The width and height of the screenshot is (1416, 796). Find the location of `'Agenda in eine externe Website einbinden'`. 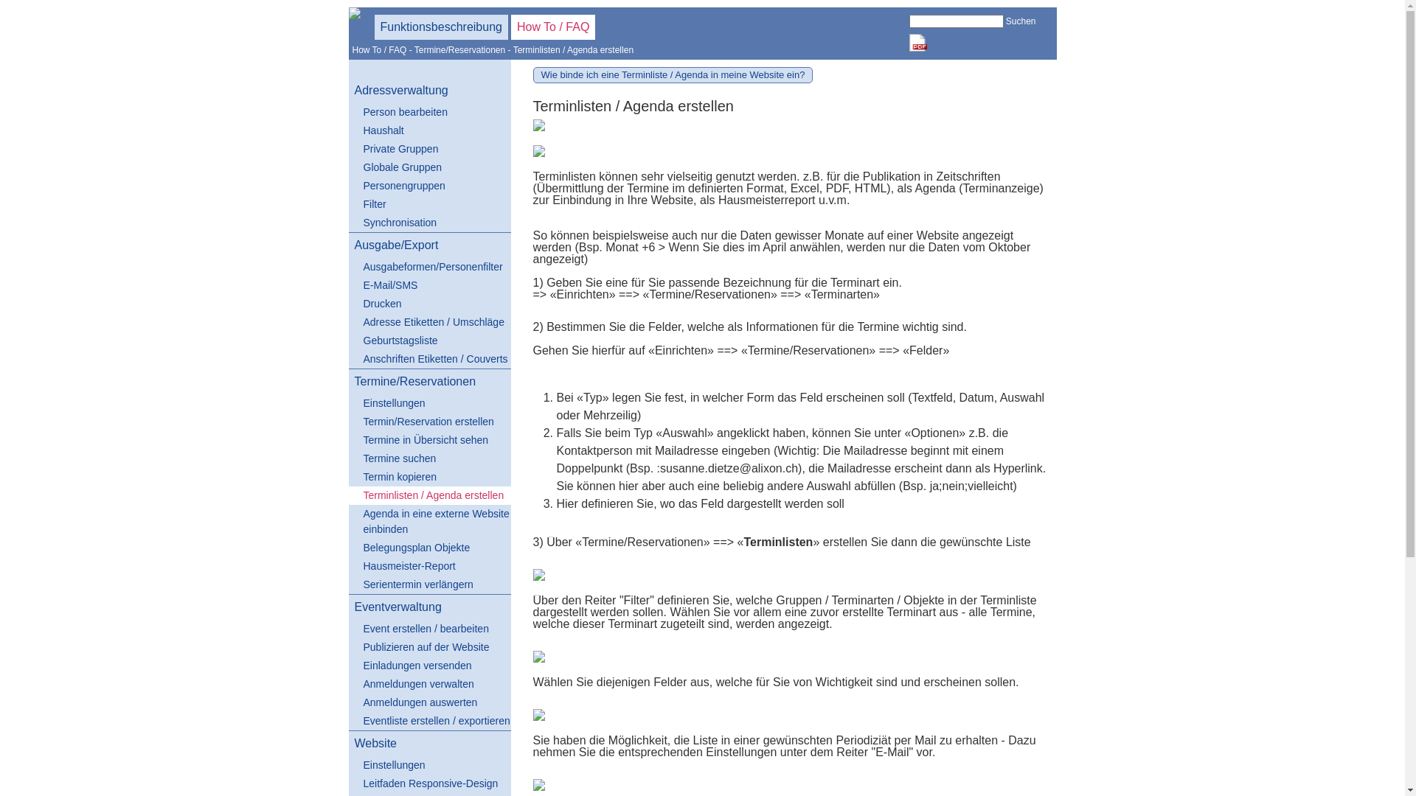

'Agenda in eine externe Website einbinden' is located at coordinates (428, 521).